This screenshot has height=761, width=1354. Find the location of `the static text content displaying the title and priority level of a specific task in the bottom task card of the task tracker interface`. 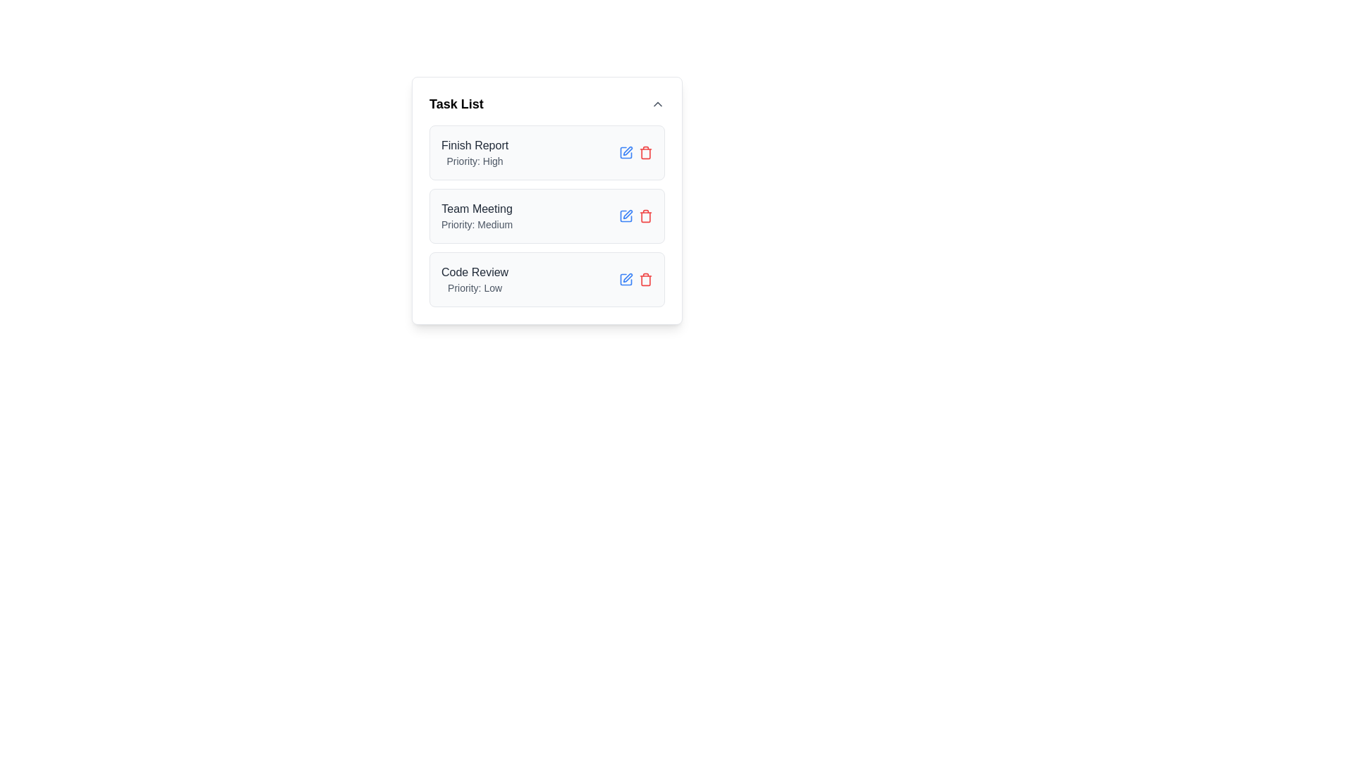

the static text content displaying the title and priority level of a specific task in the bottom task card of the task tracker interface is located at coordinates (475, 280).